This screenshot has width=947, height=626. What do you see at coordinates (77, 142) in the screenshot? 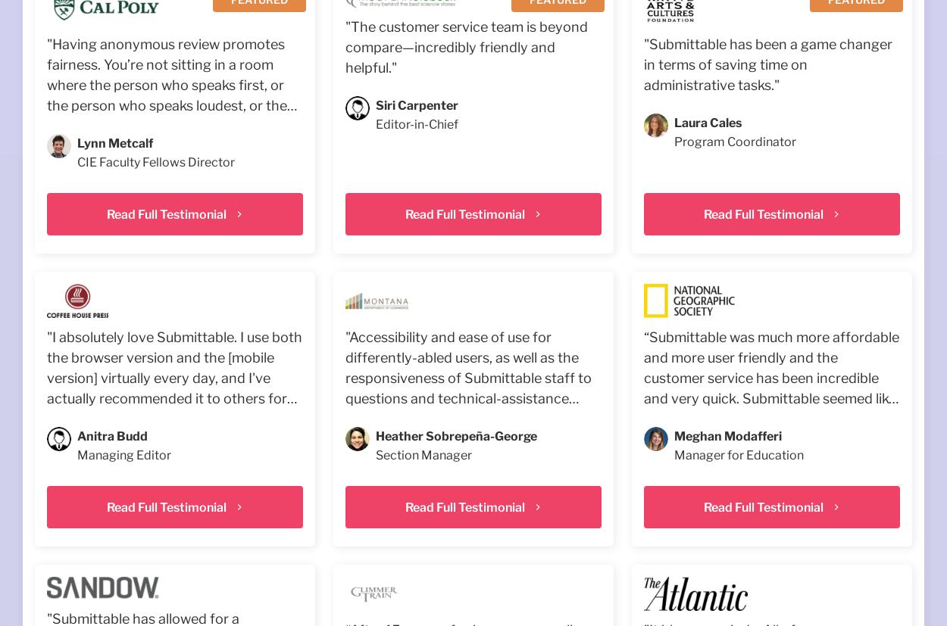
I see `'Lynn Metcalf'` at bounding box center [77, 142].